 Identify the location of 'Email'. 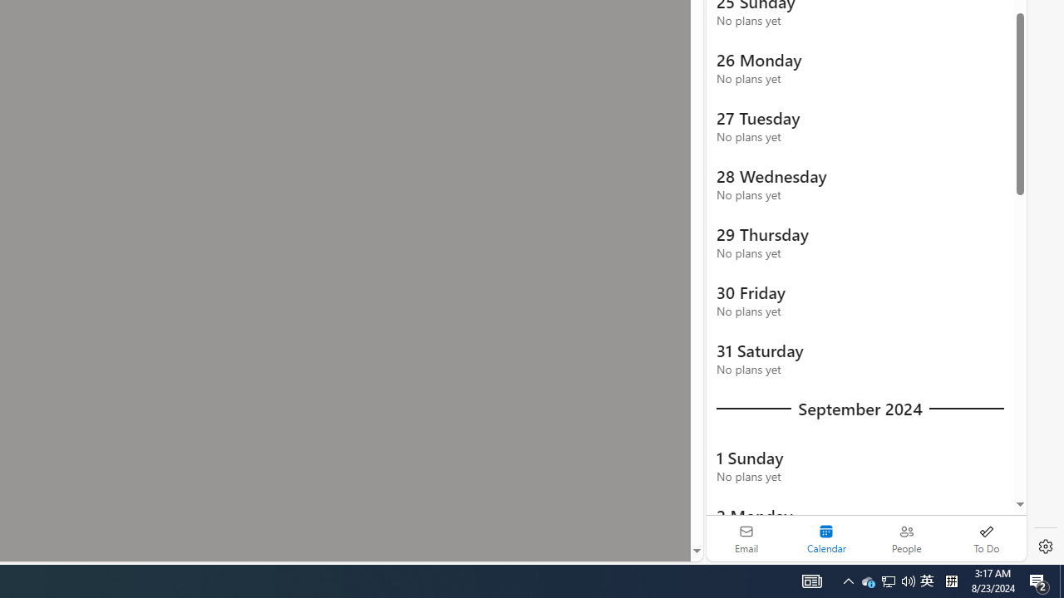
(746, 538).